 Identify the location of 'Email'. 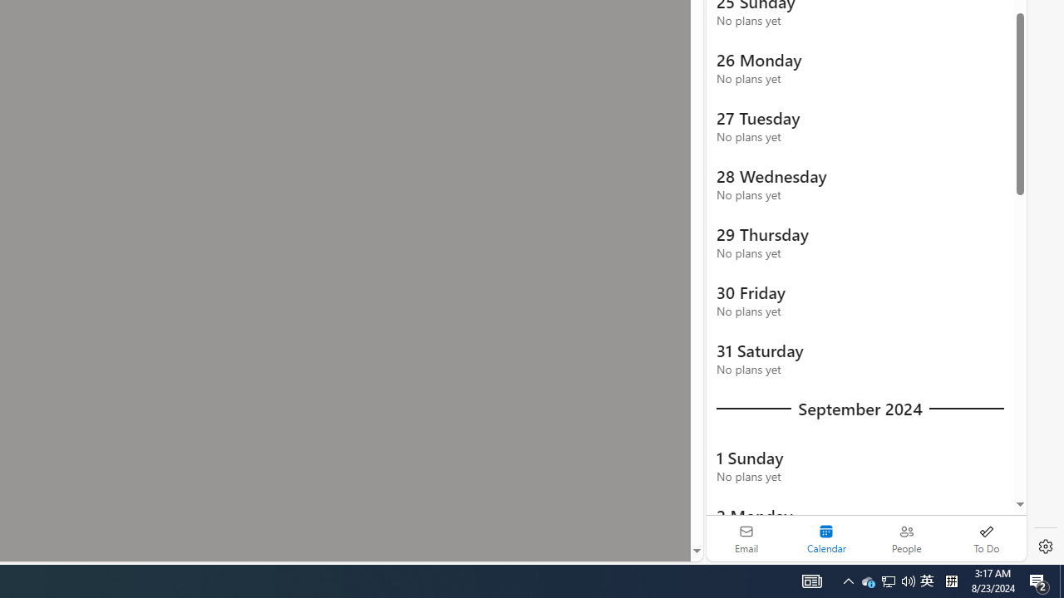
(746, 538).